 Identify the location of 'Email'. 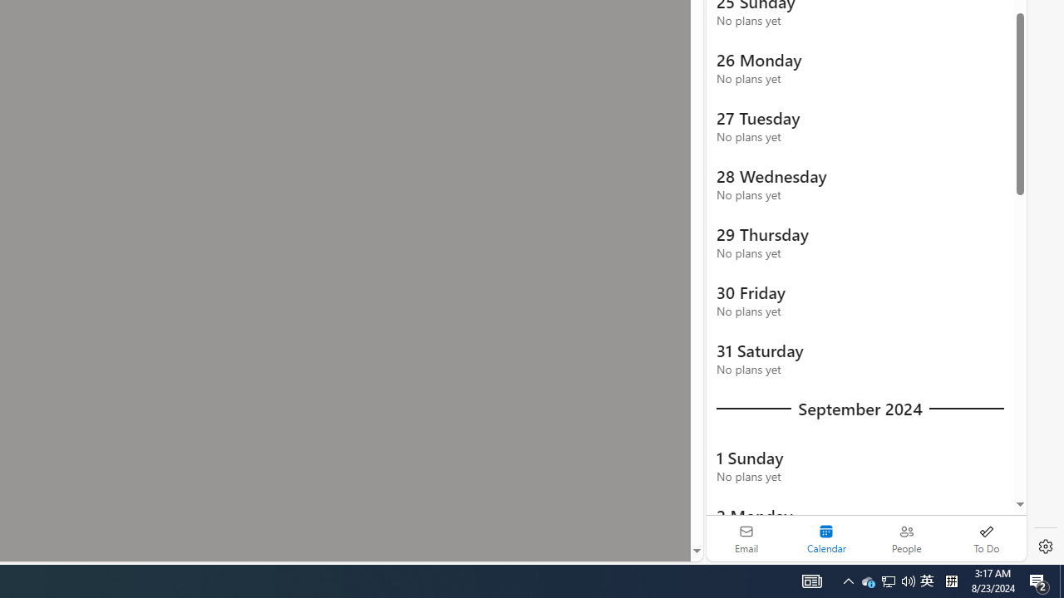
(746, 538).